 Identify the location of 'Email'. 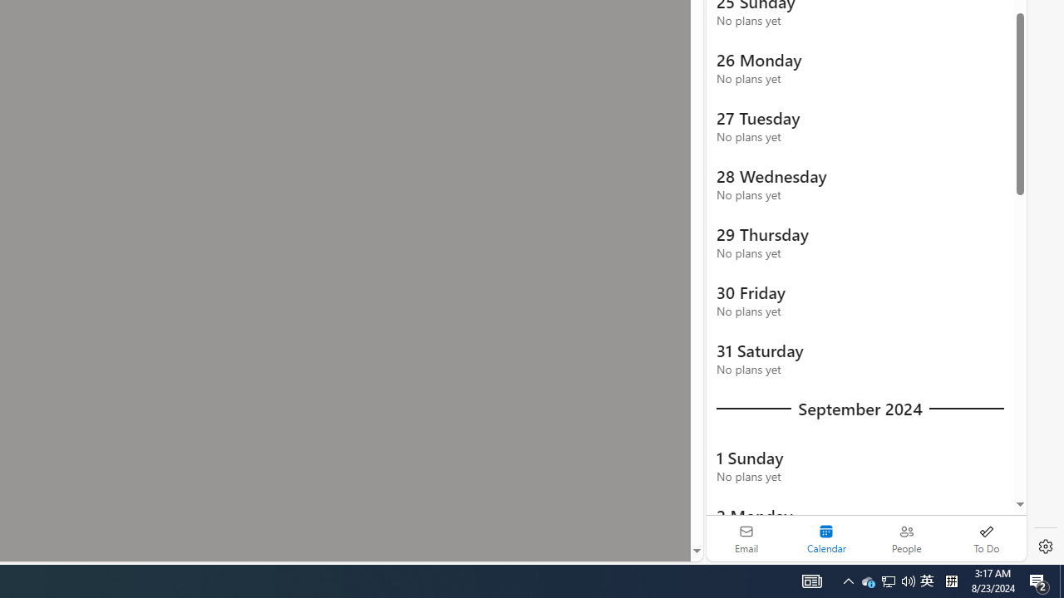
(746, 538).